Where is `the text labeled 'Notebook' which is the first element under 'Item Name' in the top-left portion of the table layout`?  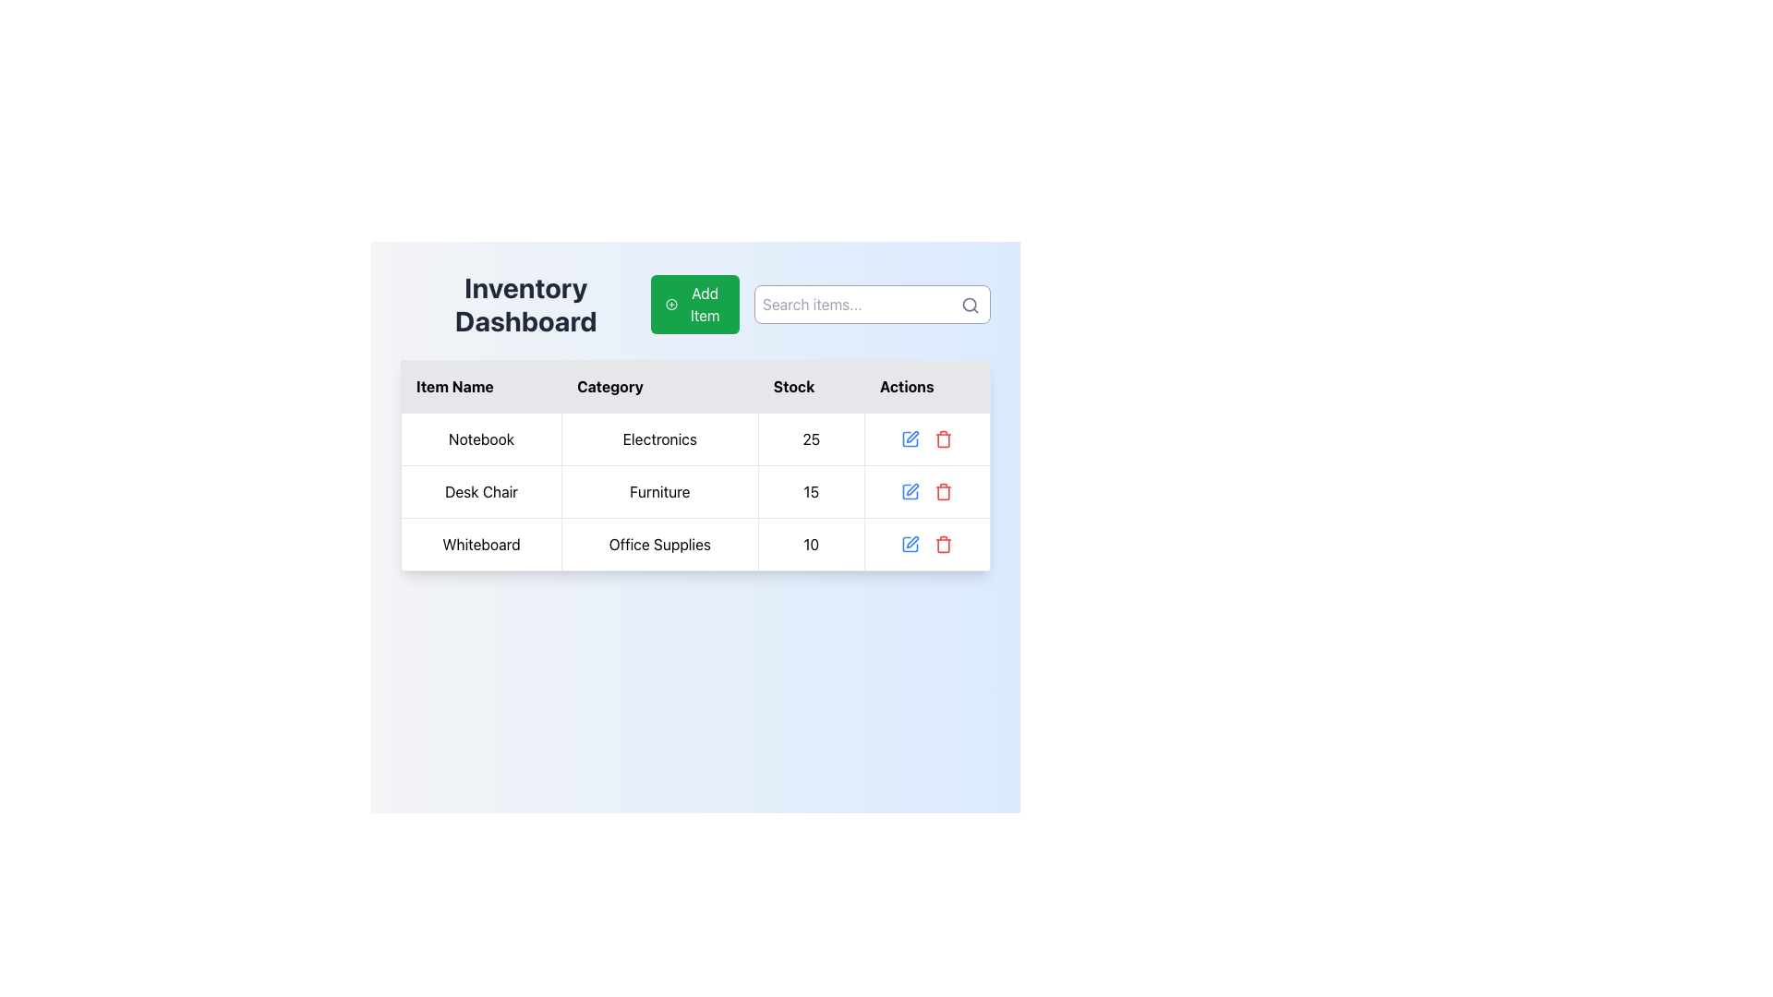 the text labeled 'Notebook' which is the first element under 'Item Name' in the top-left portion of the table layout is located at coordinates (481, 438).